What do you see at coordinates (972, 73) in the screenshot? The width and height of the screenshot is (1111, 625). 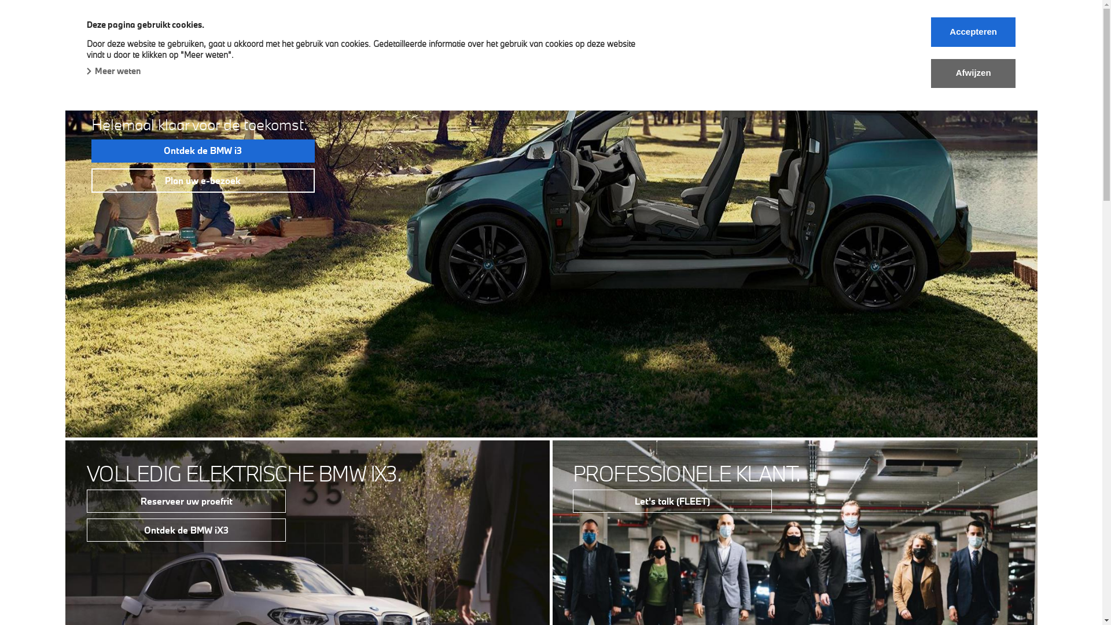 I see `'Afwijzen'` at bounding box center [972, 73].